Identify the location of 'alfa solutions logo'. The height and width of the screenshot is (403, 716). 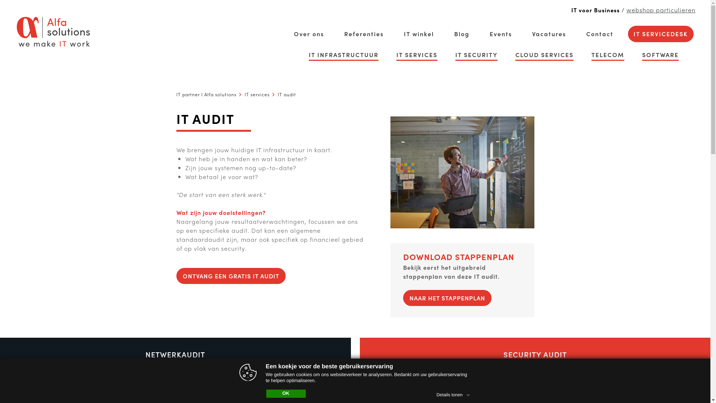
(16, 31).